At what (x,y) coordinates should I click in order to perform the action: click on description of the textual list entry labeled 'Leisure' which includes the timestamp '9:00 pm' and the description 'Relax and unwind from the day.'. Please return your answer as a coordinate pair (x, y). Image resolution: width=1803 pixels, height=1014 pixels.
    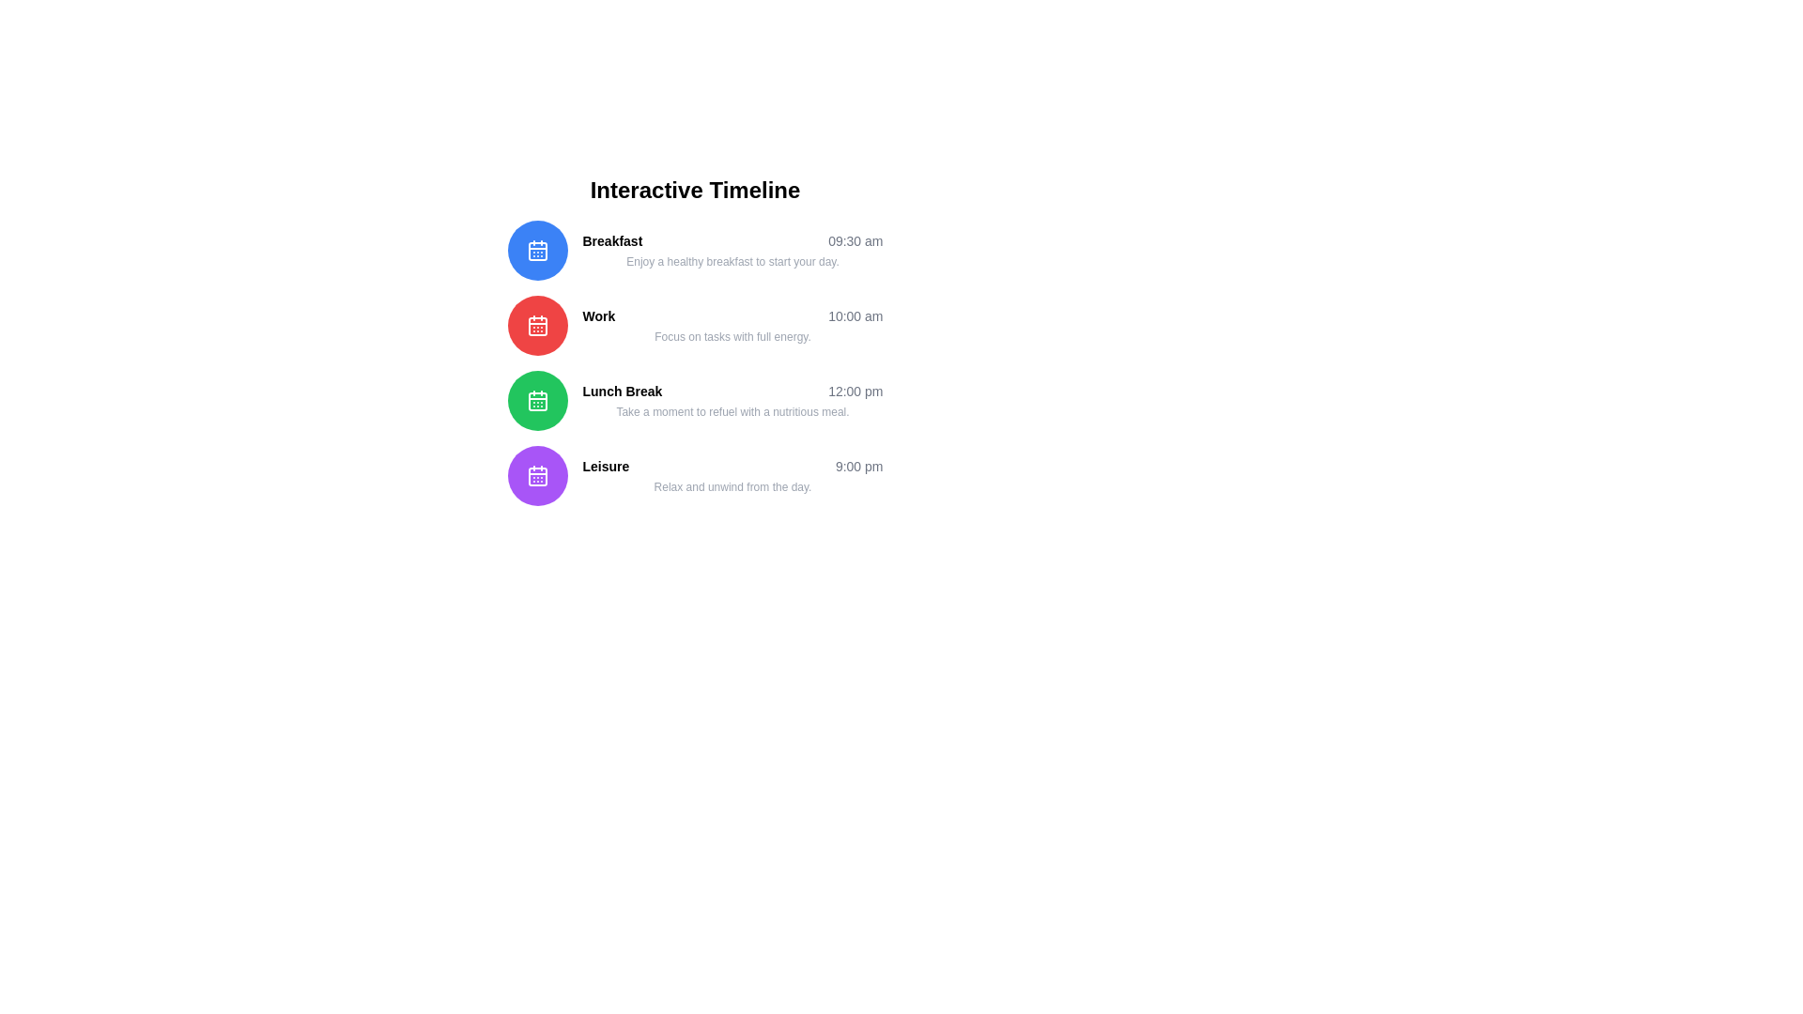
    Looking at the image, I should click on (732, 474).